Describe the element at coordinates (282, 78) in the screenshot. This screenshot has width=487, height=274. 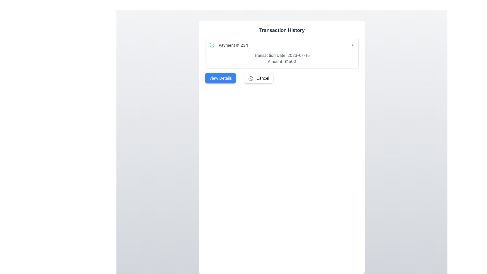
I see `the 'Cancel' button on the Button Group located at the bottom of the payment transaction card` at that location.